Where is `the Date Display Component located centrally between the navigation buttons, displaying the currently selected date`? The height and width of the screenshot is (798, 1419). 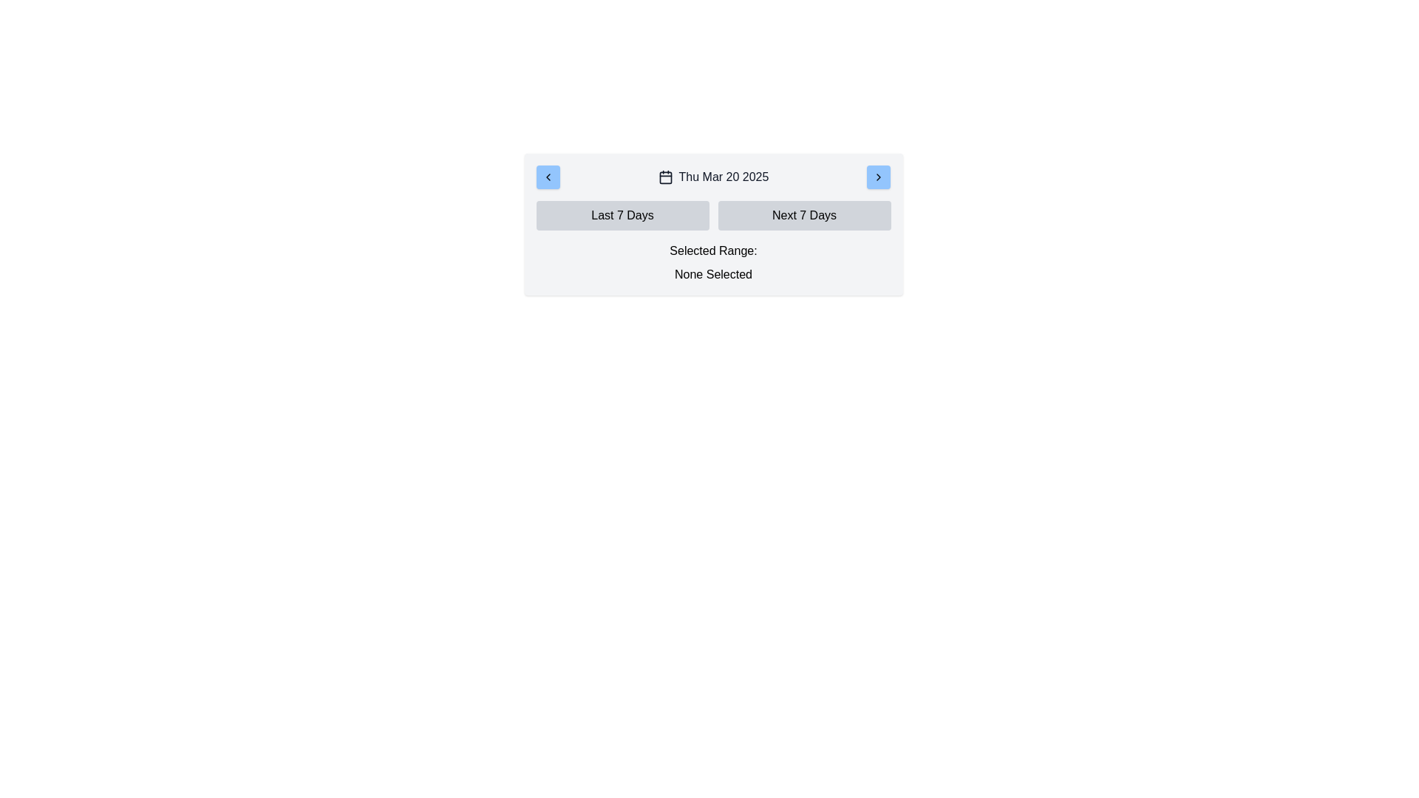
the Date Display Component located centrally between the navigation buttons, displaying the currently selected date is located at coordinates (713, 176).